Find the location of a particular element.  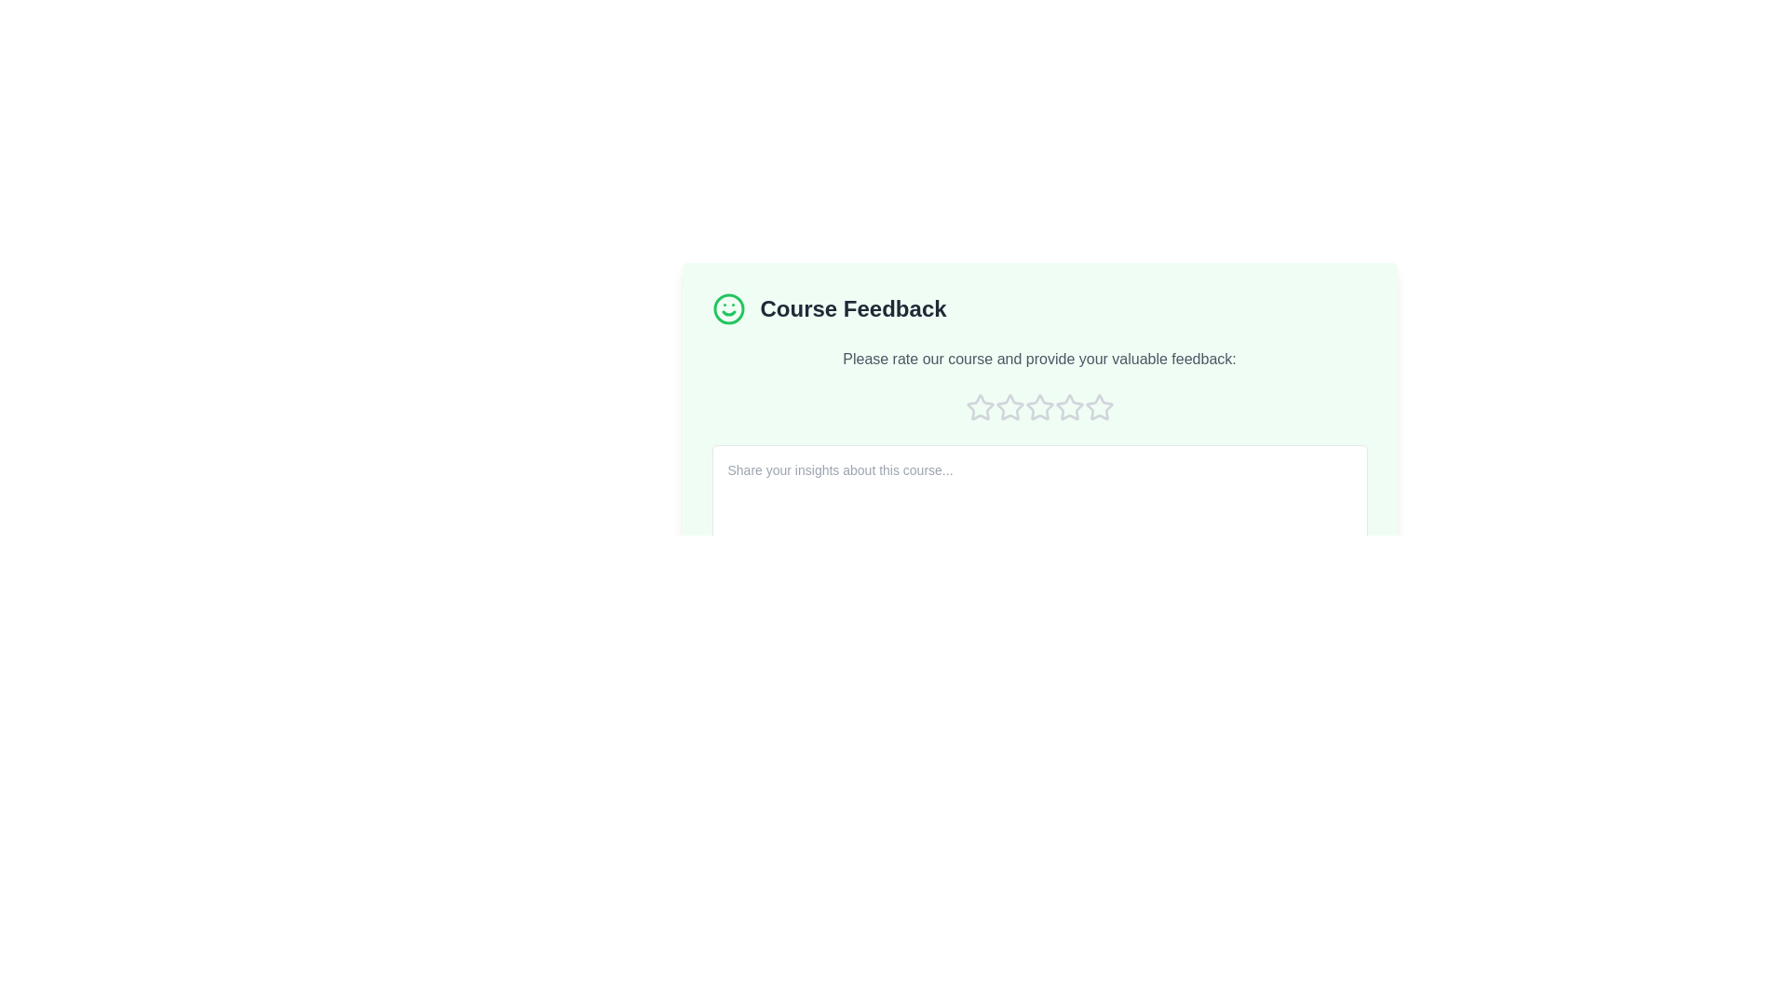

the first non-filled star icon in the rating component below the 'Course Feedback' heading to rate it is located at coordinates (979, 406).